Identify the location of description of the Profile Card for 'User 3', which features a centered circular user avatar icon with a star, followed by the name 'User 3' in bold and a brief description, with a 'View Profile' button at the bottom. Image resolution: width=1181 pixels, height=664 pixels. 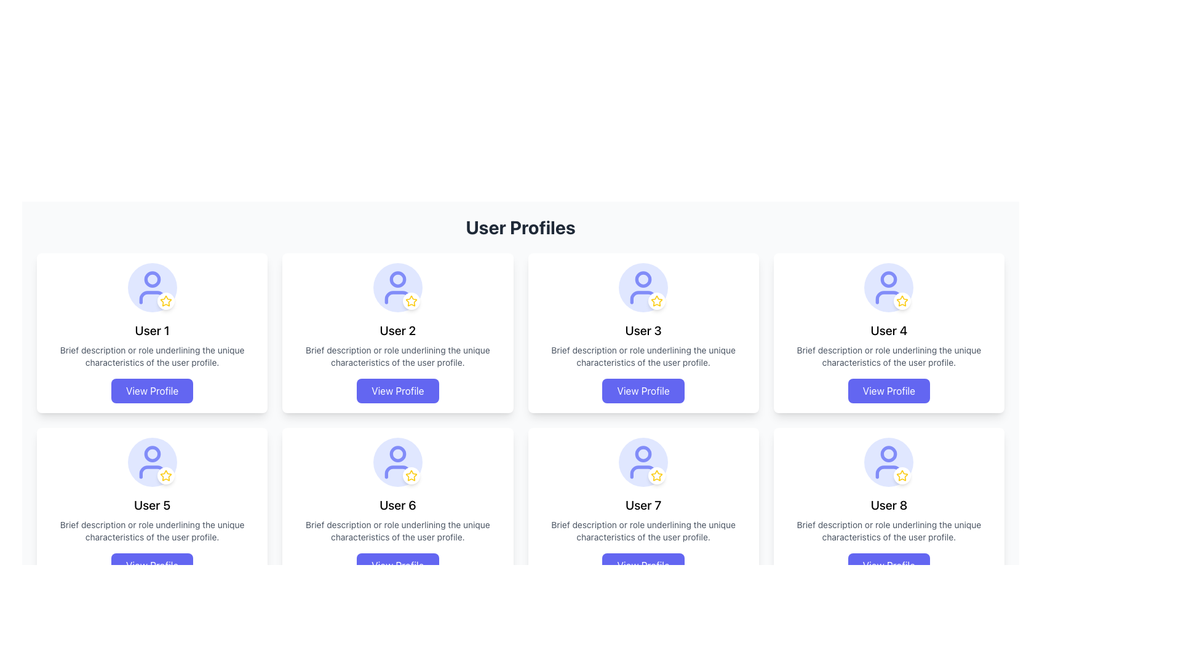
(643, 333).